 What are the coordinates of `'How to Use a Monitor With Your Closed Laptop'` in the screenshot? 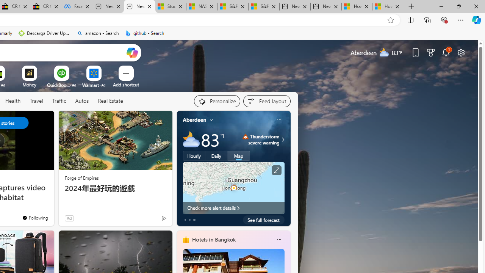 It's located at (388, 6).